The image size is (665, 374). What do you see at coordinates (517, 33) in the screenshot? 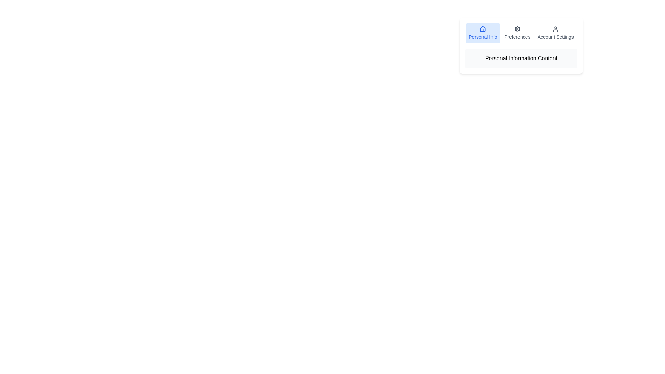
I see `the 'Preferences' button, which features a cogwheel icon above the text, positioned centrally within a group of three buttons` at bounding box center [517, 33].